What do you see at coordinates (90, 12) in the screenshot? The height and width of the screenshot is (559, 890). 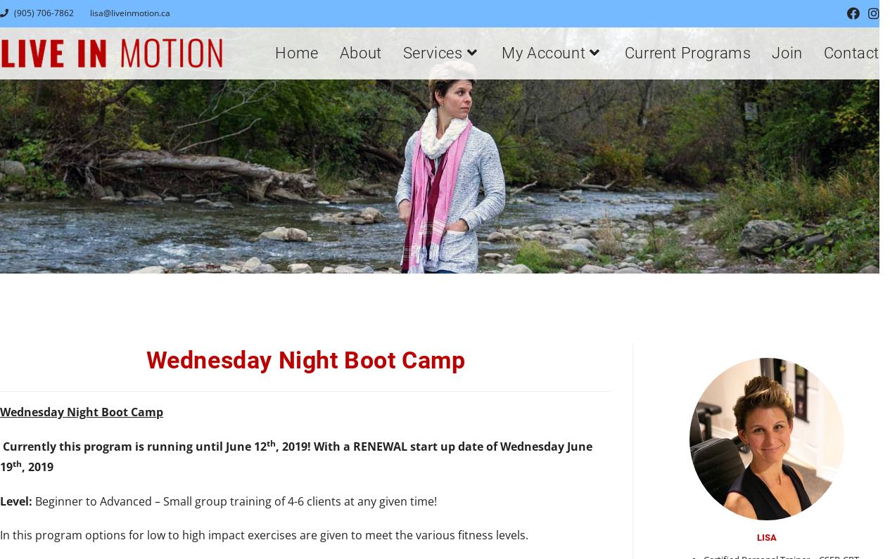 I see `'lisa@liveinmotion.ca'` at bounding box center [90, 12].